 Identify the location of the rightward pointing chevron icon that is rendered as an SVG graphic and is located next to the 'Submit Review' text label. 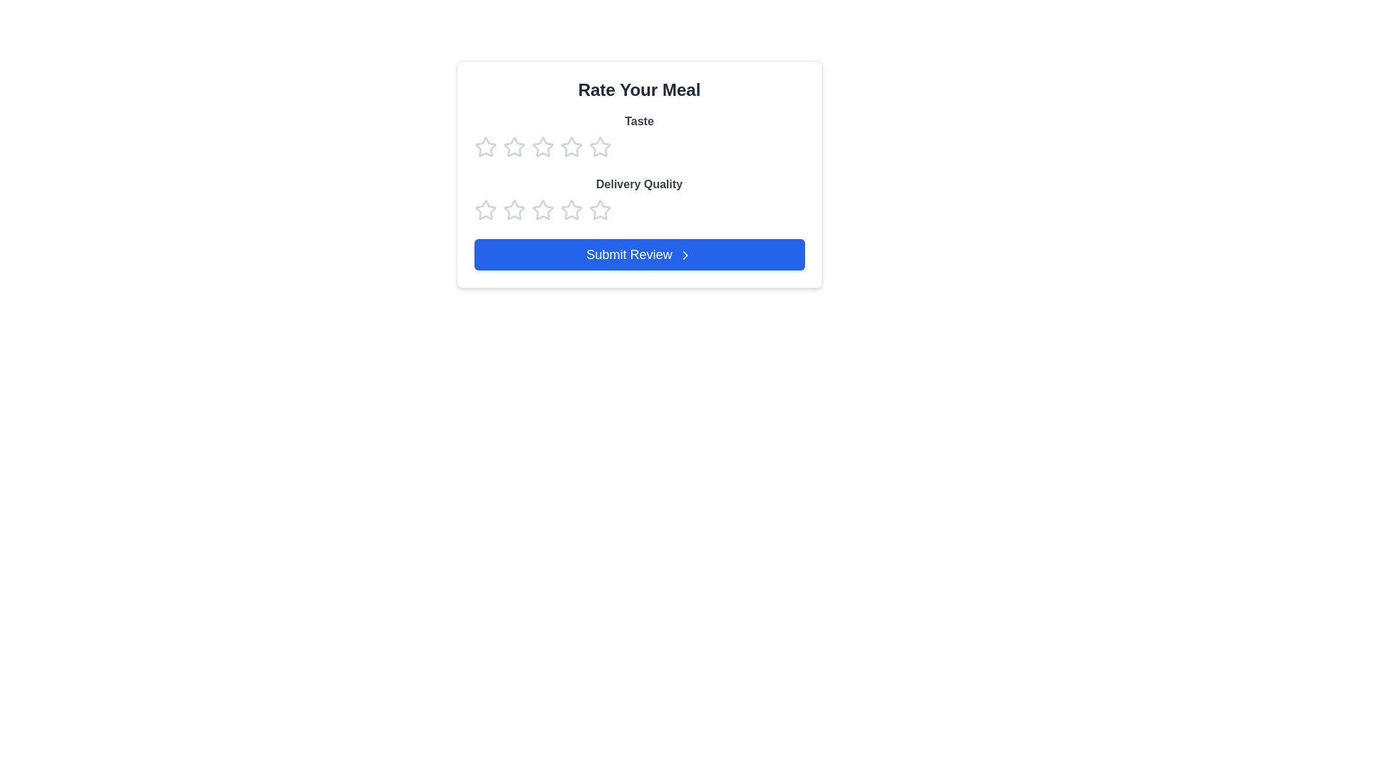
(684, 255).